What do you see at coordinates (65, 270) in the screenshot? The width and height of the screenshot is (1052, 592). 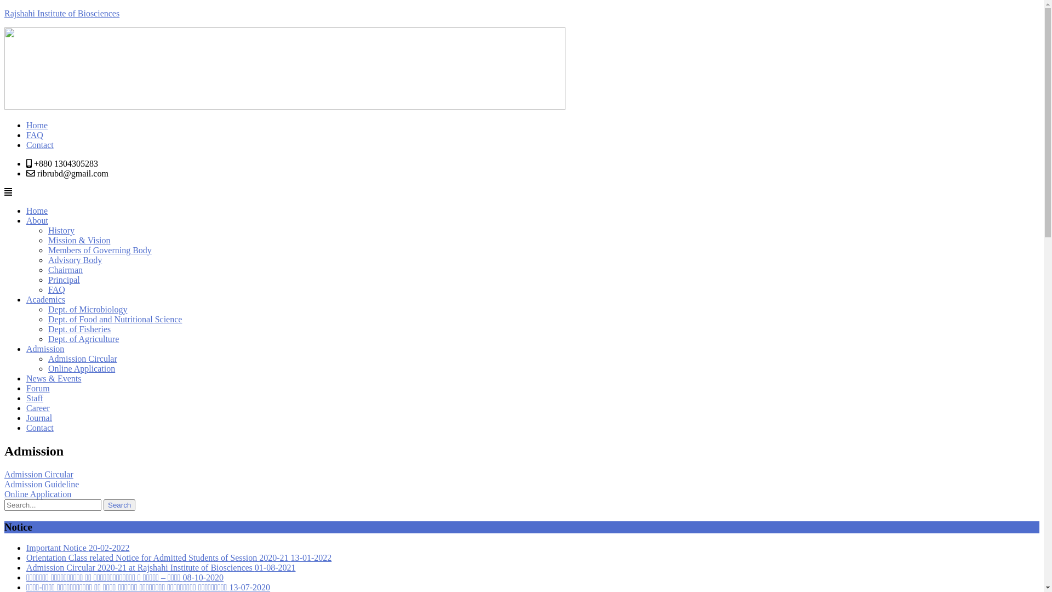 I see `'Chairman'` at bounding box center [65, 270].